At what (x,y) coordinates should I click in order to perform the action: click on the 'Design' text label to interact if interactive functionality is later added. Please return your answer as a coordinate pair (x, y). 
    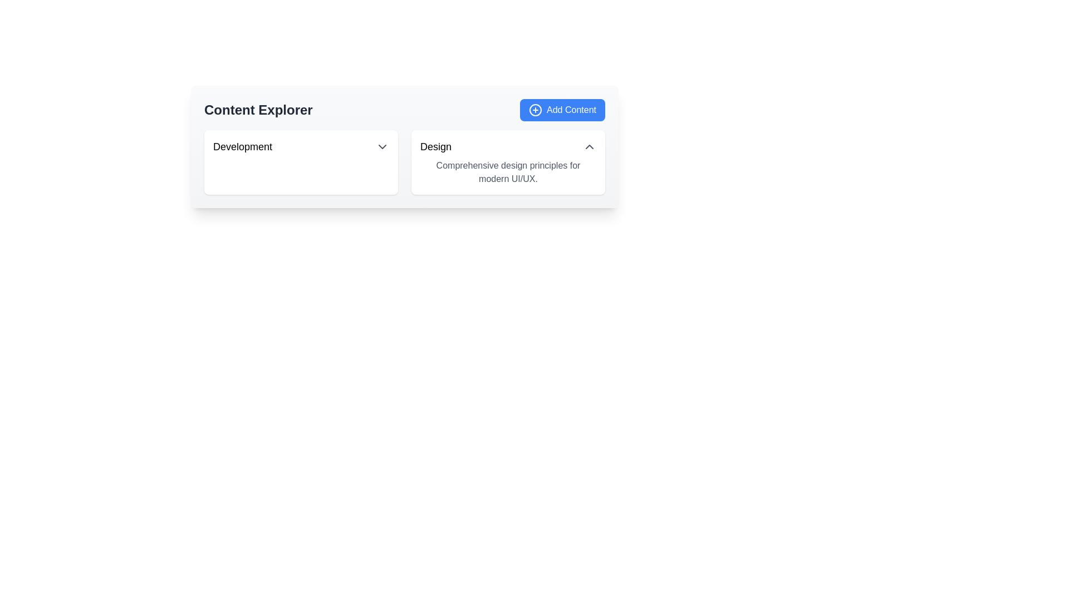
    Looking at the image, I should click on (435, 146).